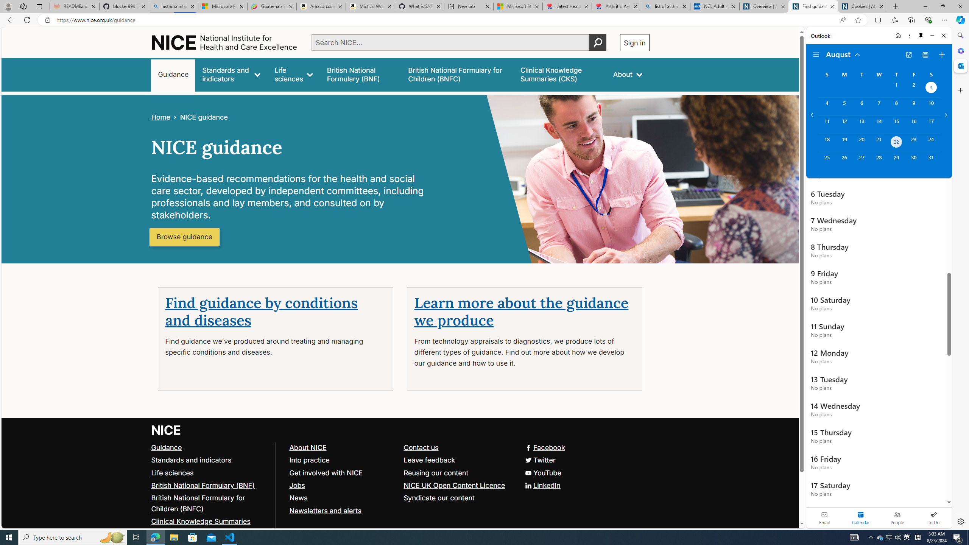  I want to click on 'Friday, August 9, 2024. ', so click(913, 106).